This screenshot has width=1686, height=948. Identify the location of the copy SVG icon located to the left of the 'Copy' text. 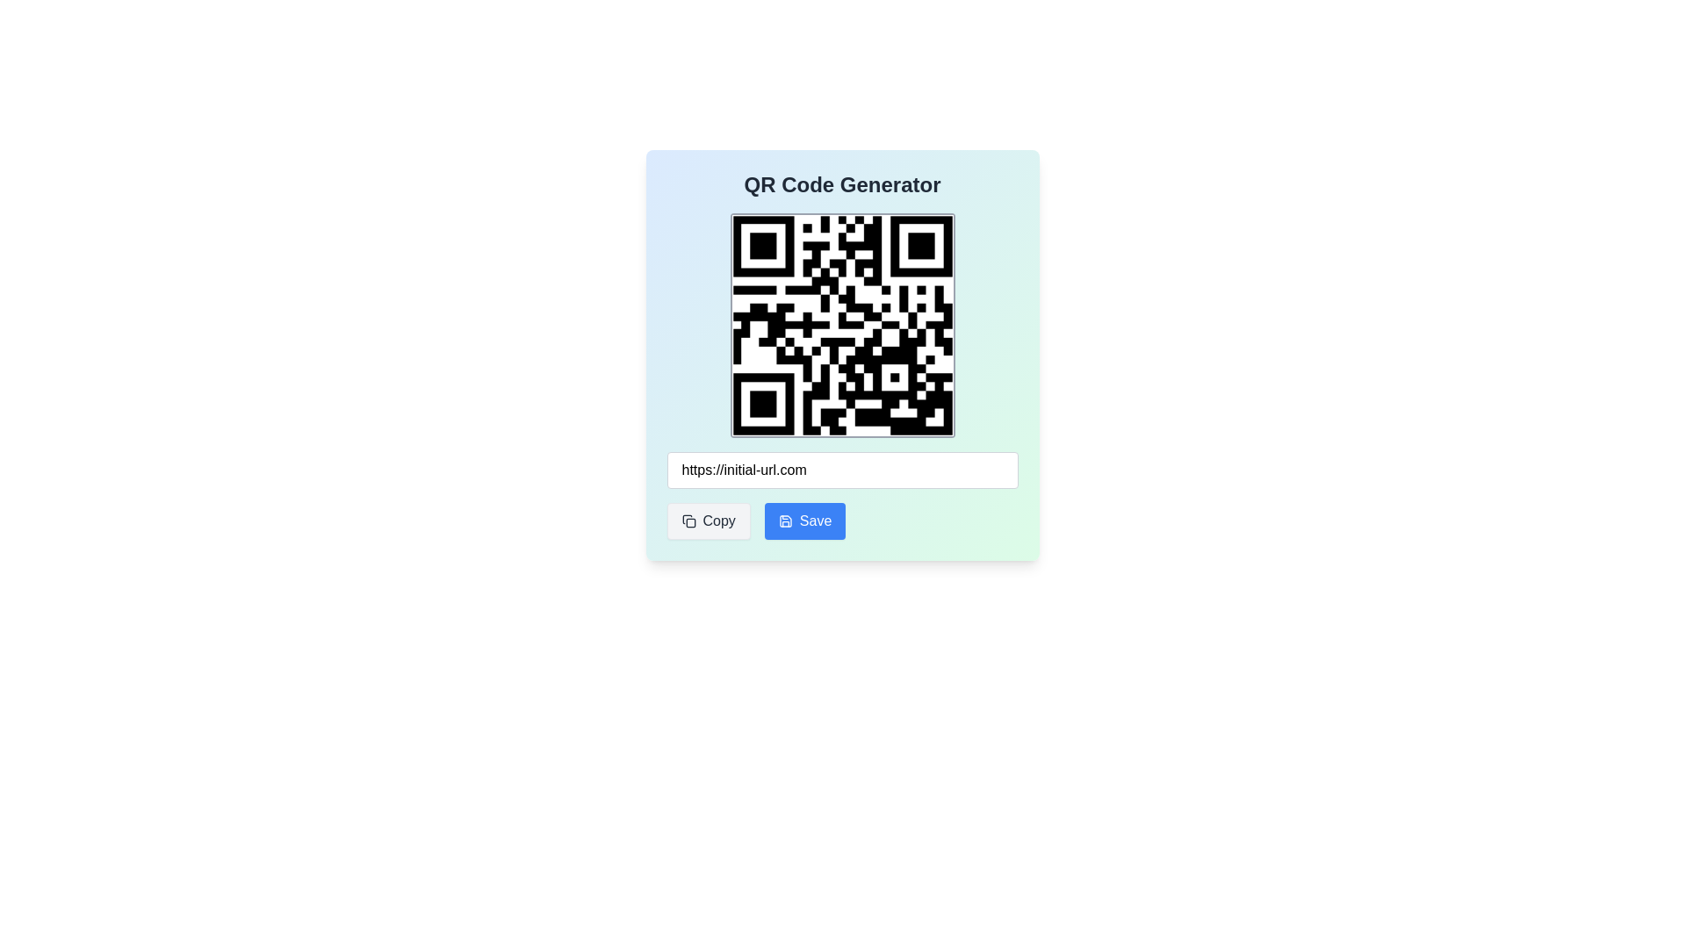
(688, 521).